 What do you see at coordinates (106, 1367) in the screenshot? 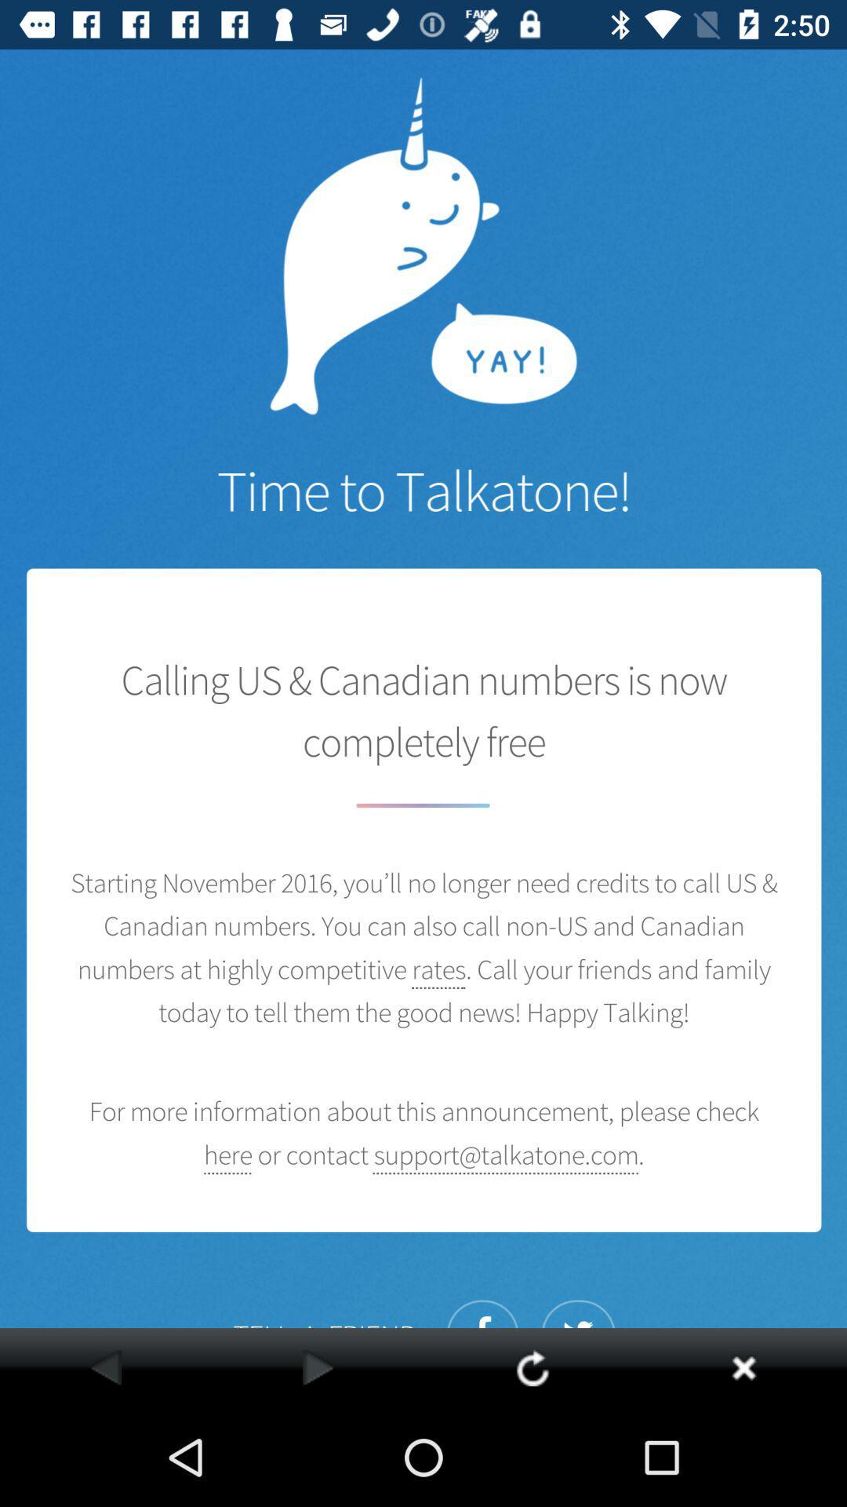
I see `go back` at bounding box center [106, 1367].